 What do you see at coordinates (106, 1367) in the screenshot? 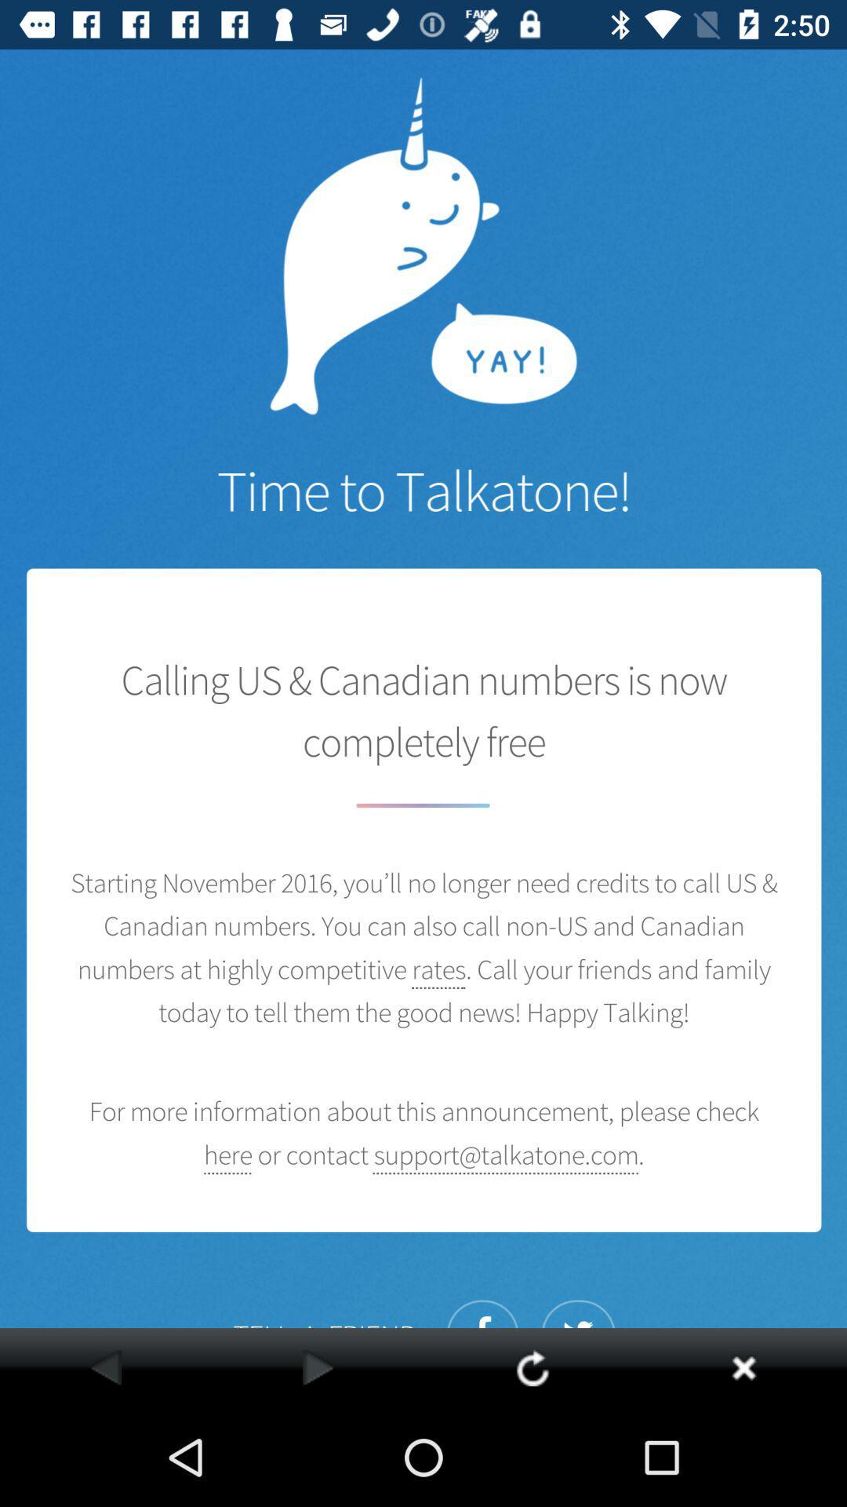
I see `go back` at bounding box center [106, 1367].